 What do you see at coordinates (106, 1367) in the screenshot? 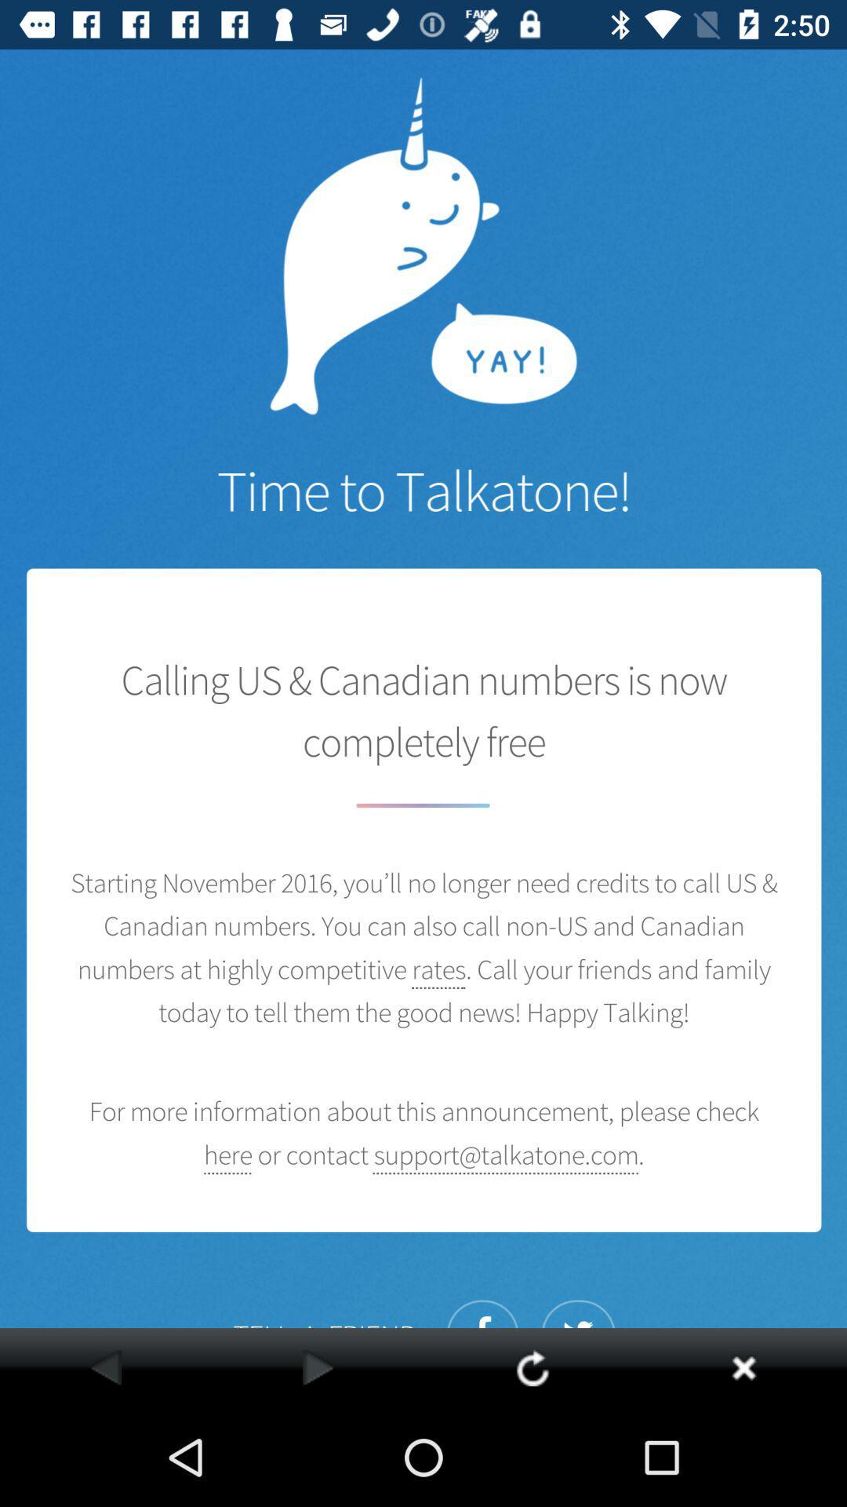
I see `go back` at bounding box center [106, 1367].